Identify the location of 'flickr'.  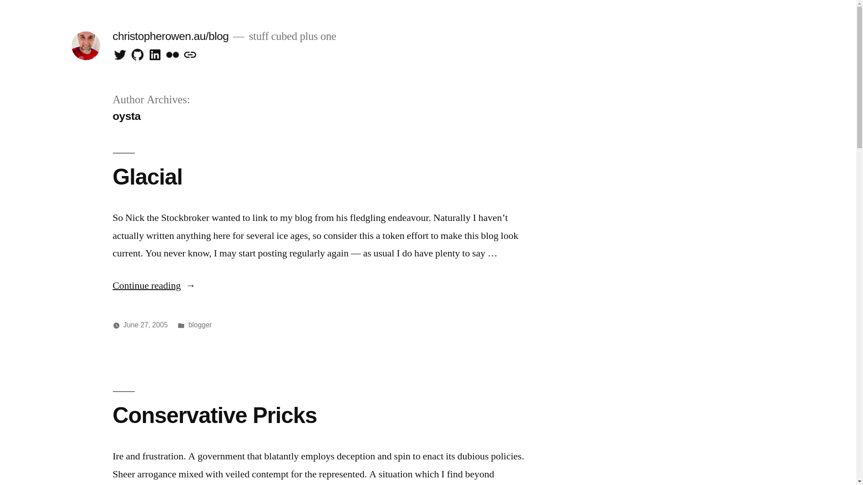
(173, 55).